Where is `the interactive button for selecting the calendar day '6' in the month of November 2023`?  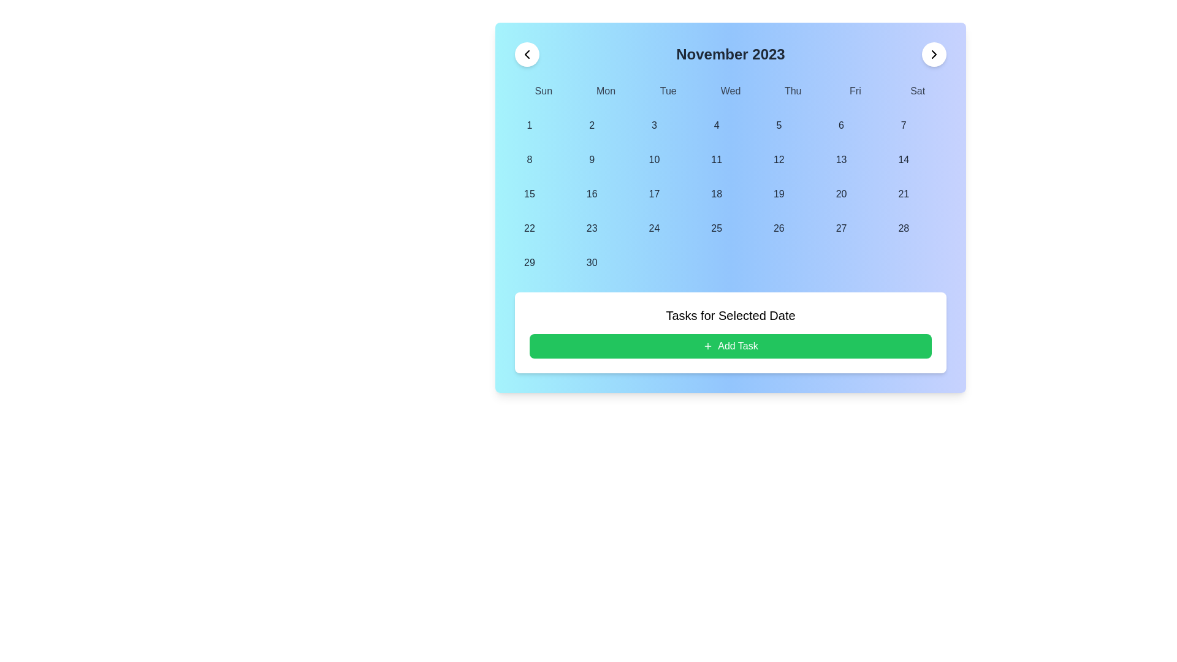 the interactive button for selecting the calendar day '6' in the month of November 2023 is located at coordinates (840, 125).